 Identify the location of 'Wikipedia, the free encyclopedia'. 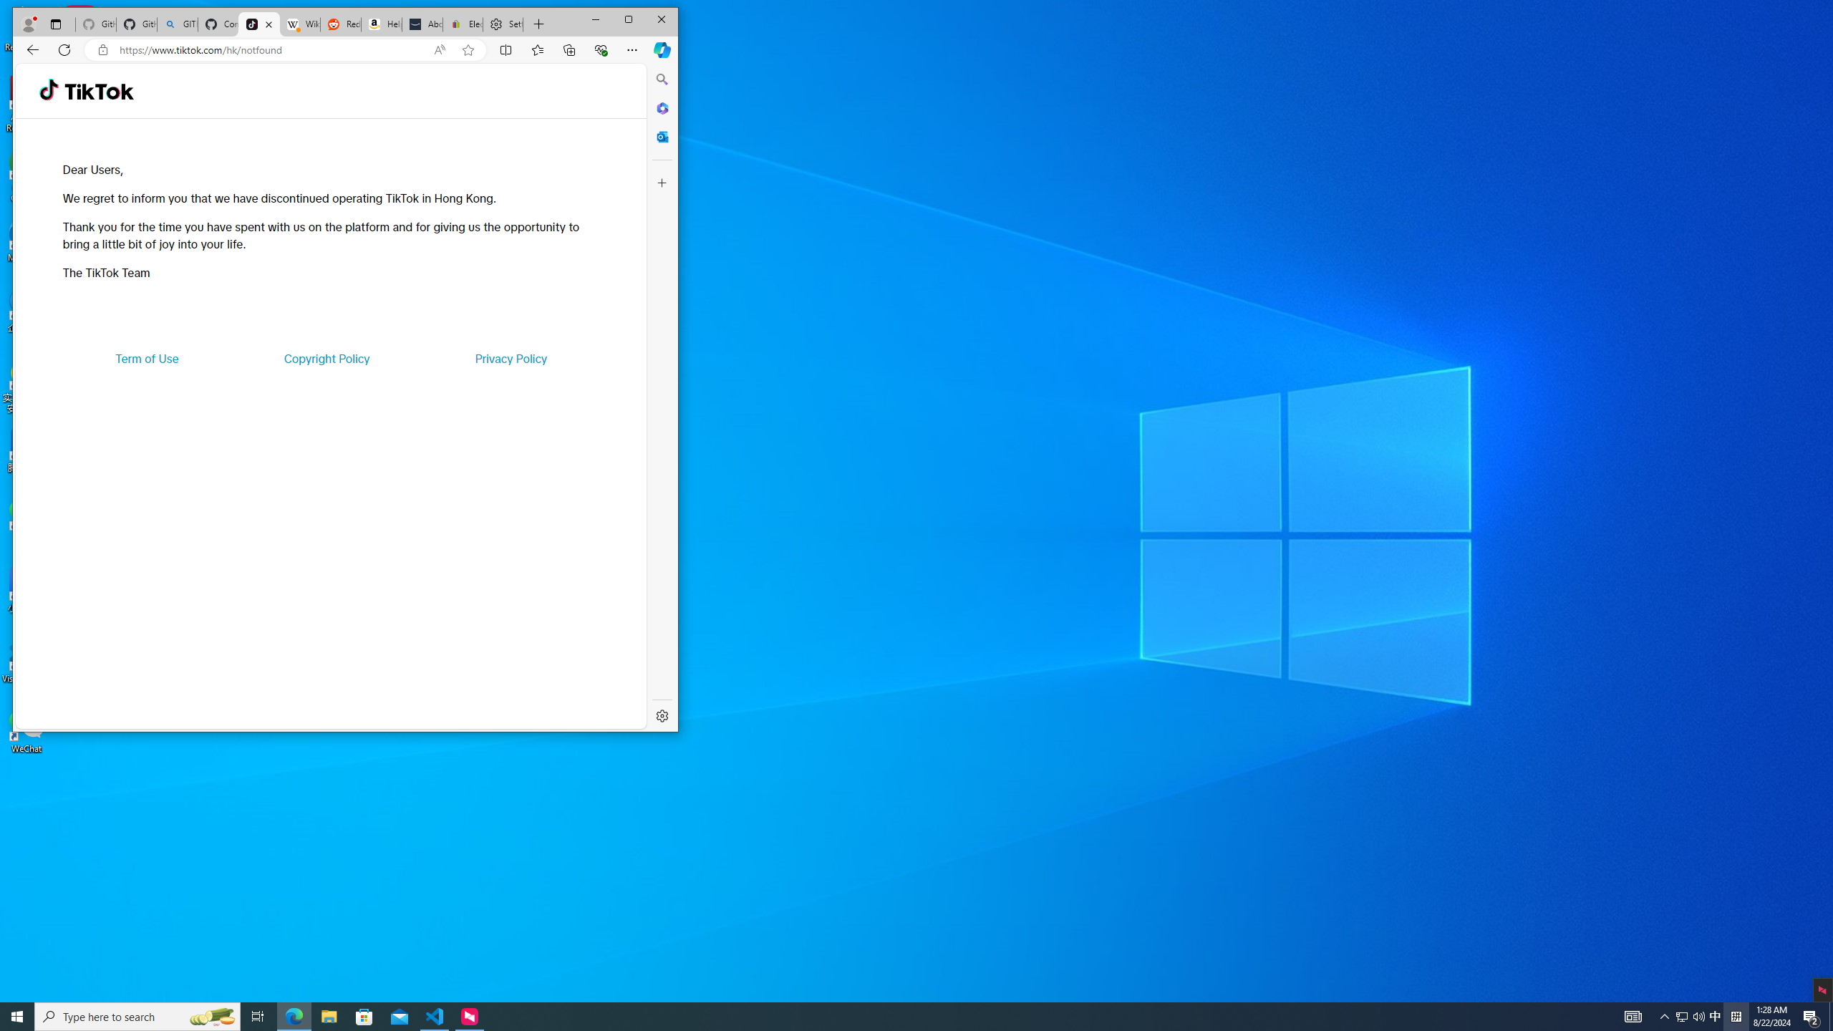
(299, 24).